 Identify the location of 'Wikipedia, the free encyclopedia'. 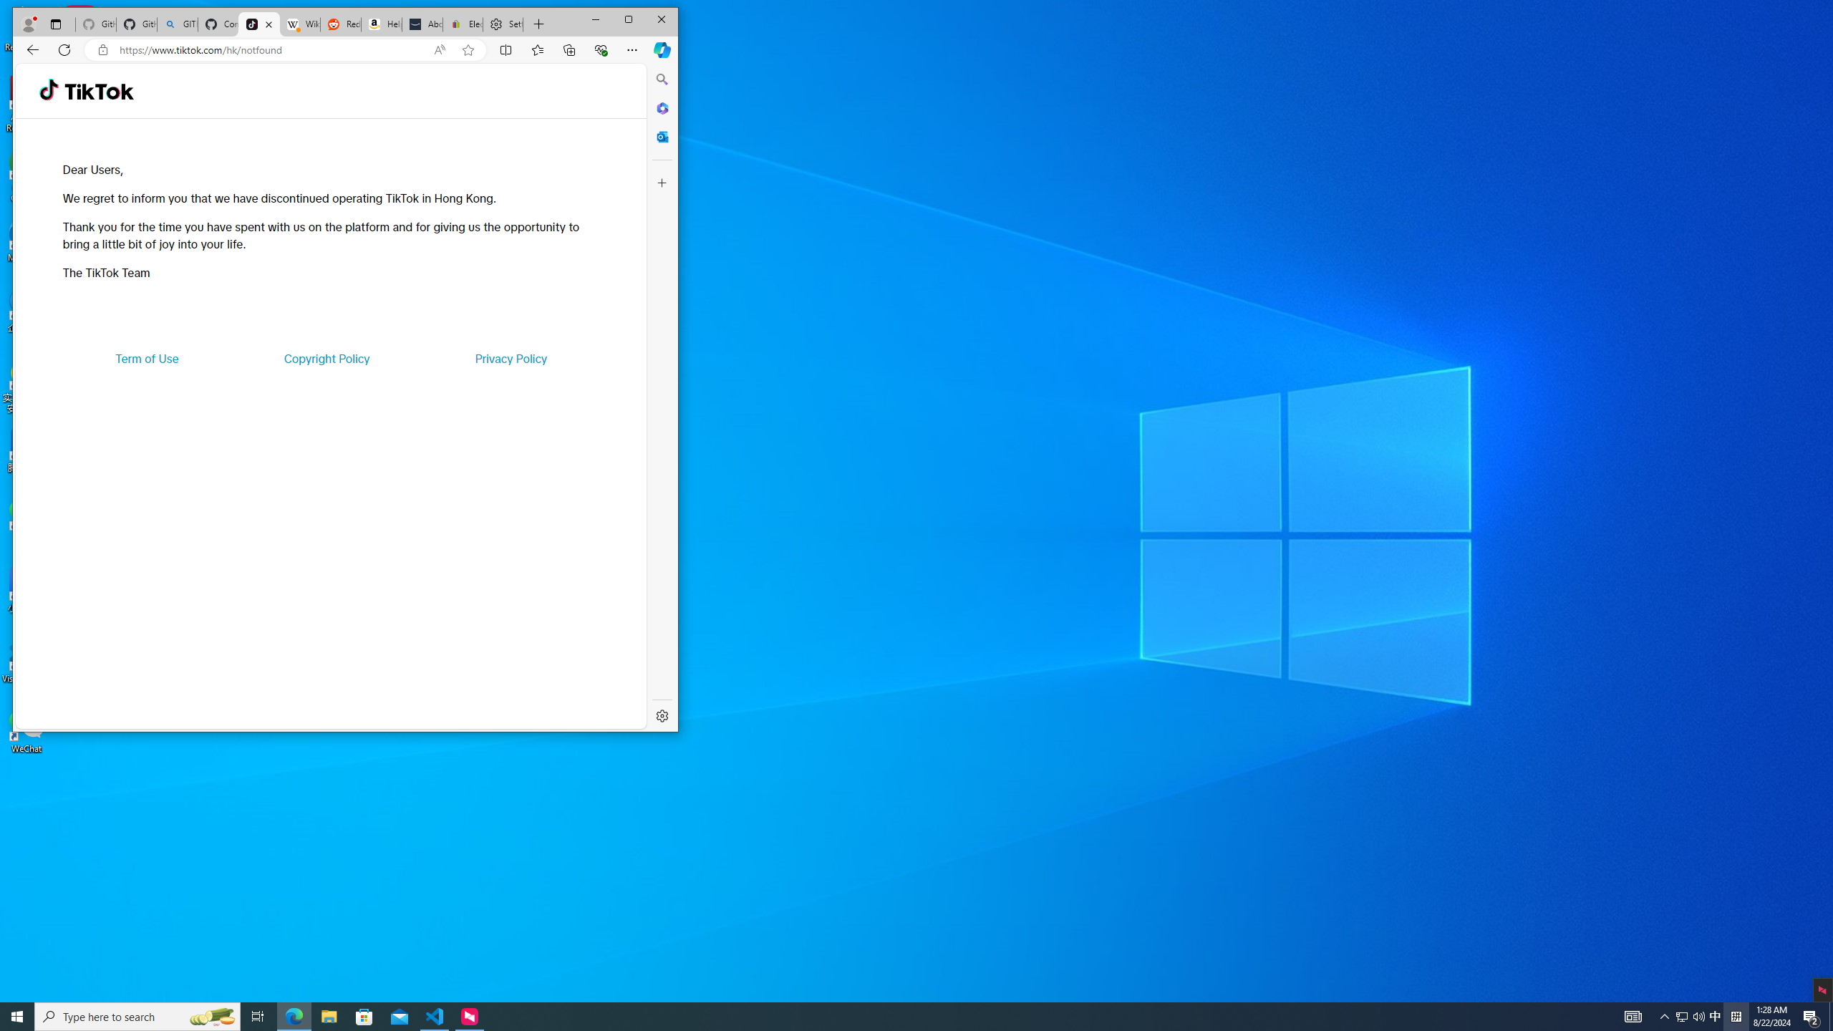
(299, 24).